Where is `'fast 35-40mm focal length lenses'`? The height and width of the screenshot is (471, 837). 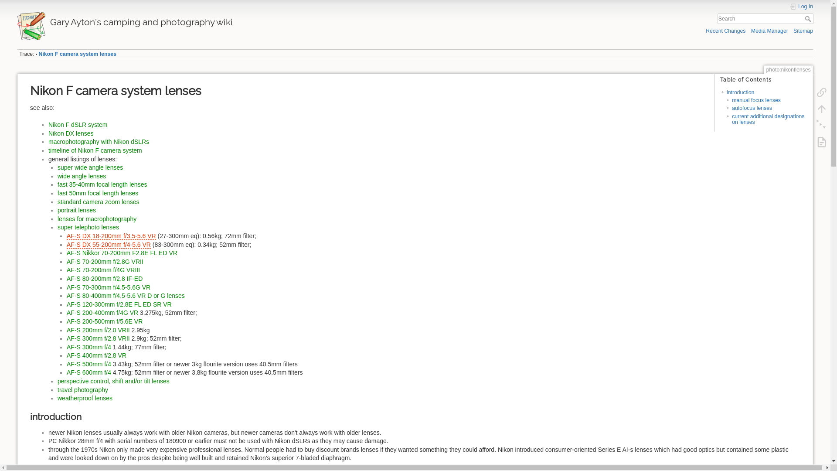 'fast 35-40mm focal length lenses' is located at coordinates (102, 184).